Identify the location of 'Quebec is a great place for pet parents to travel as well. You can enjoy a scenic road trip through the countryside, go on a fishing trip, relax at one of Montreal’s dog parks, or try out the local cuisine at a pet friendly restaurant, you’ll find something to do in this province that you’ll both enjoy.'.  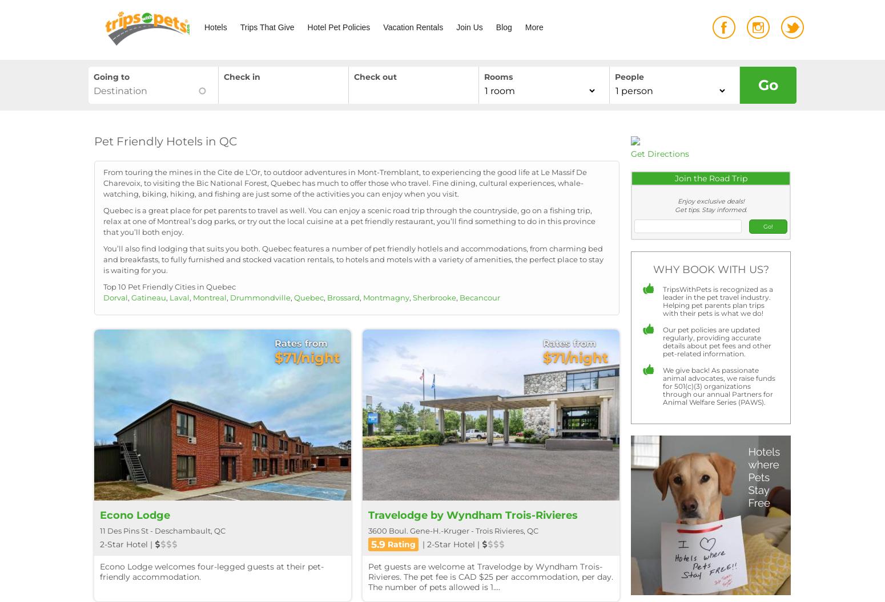
(349, 220).